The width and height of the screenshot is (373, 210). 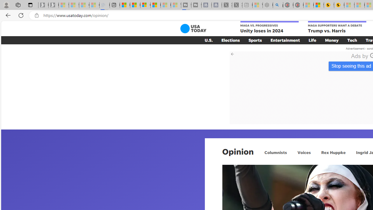 I want to click on 'Elections', so click(x=230, y=40).